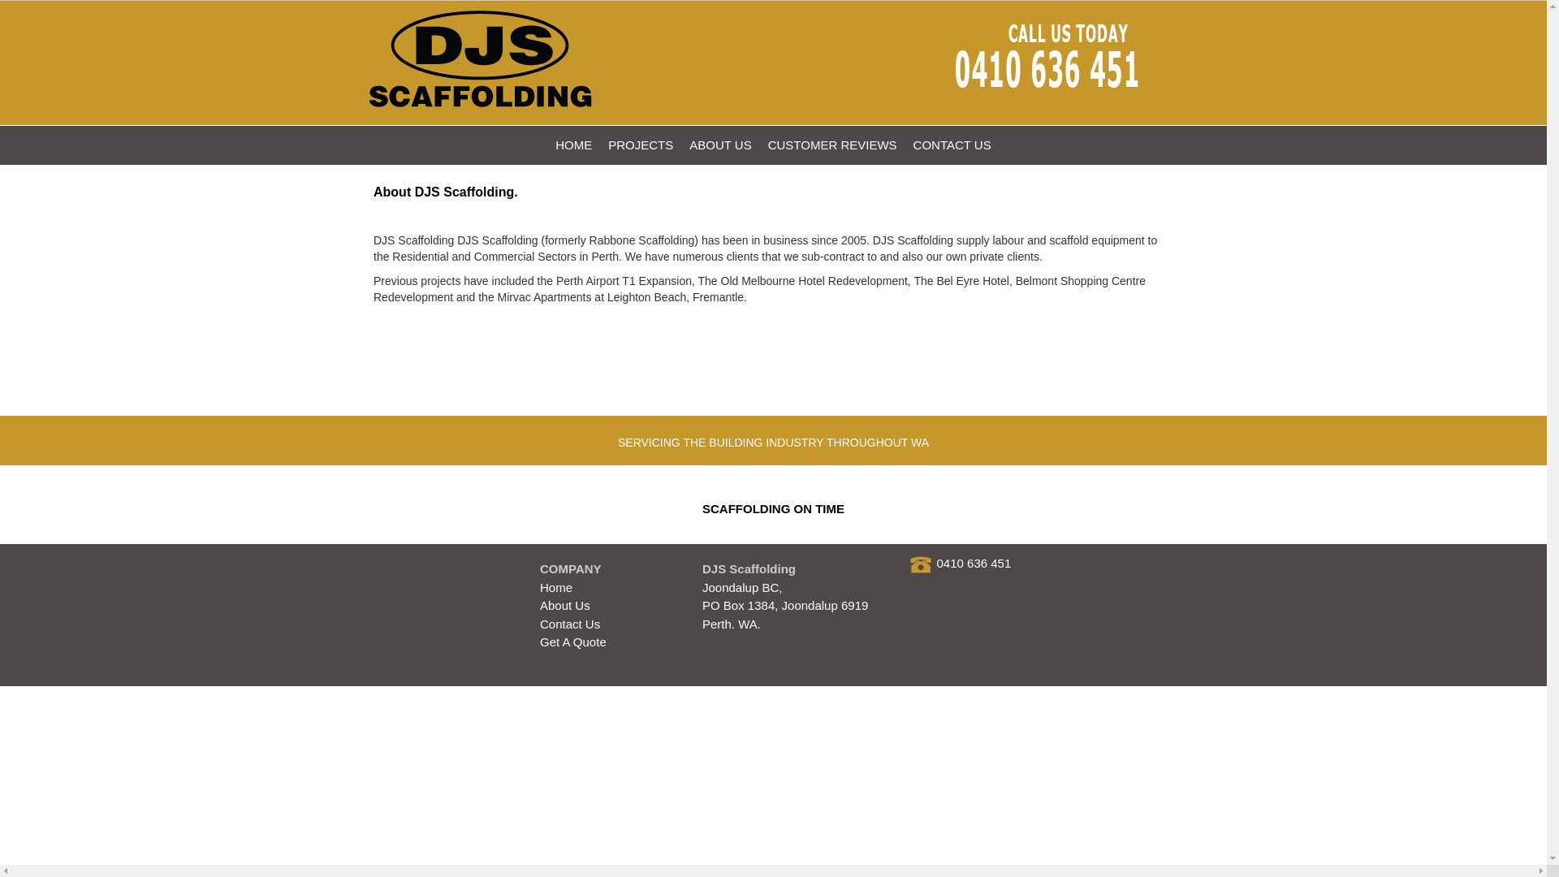 The height and width of the screenshot is (877, 1559). What do you see at coordinates (572, 641) in the screenshot?
I see `'Get A Quote'` at bounding box center [572, 641].